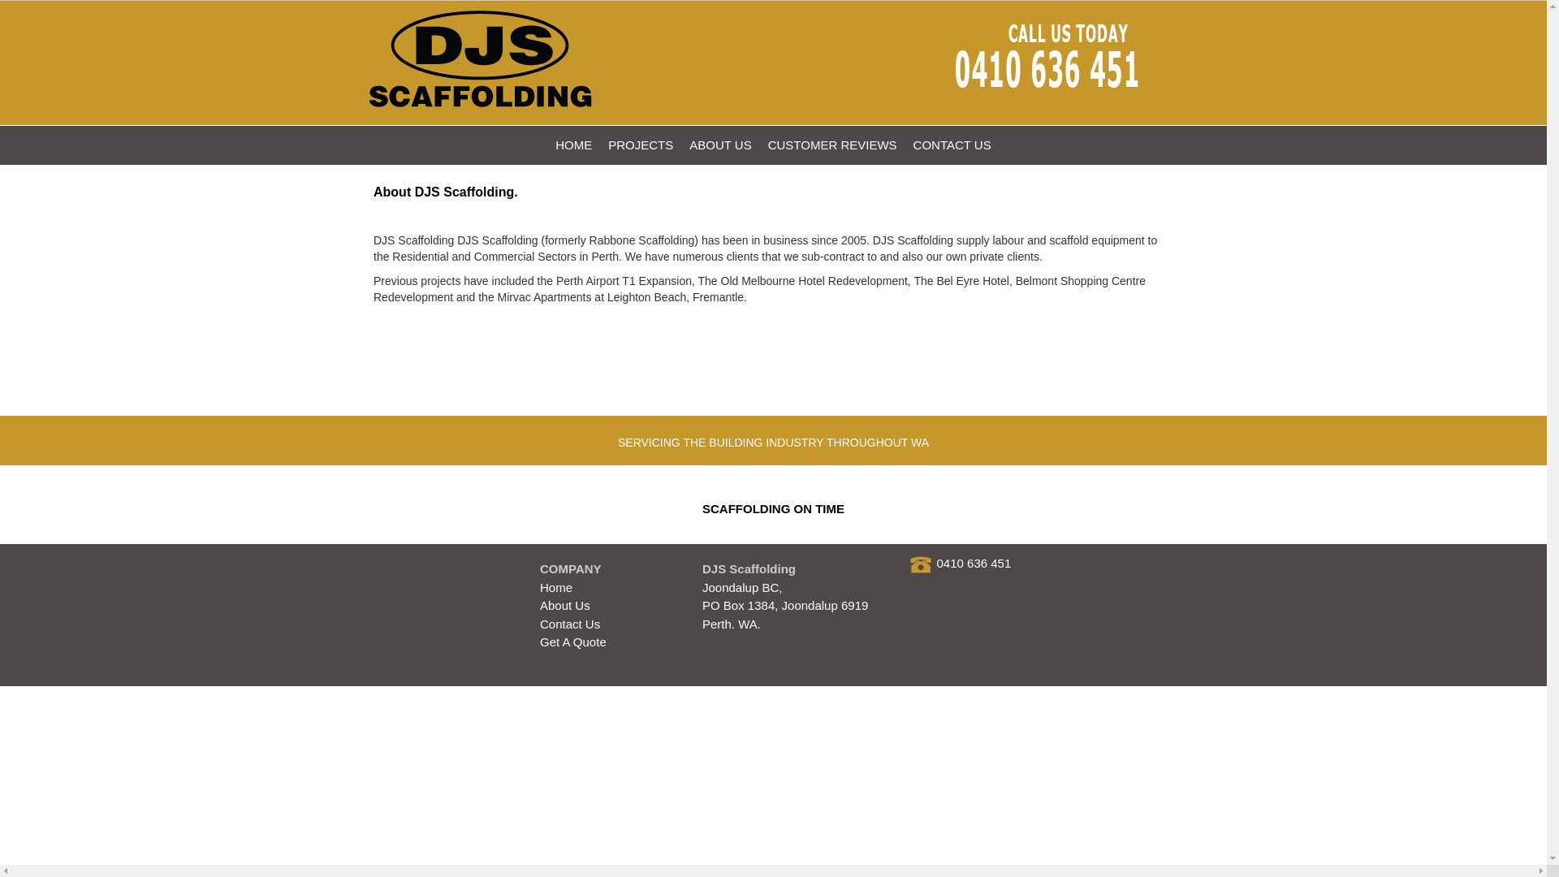 The height and width of the screenshot is (877, 1559). What do you see at coordinates (572, 641) in the screenshot?
I see `'Get A Quote'` at bounding box center [572, 641].